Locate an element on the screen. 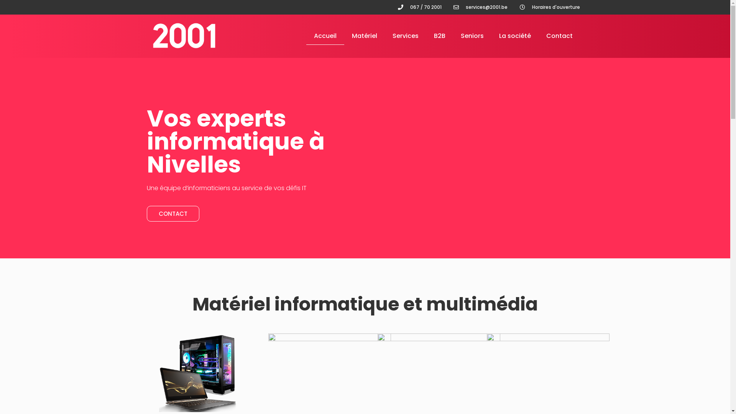 Image resolution: width=736 pixels, height=414 pixels. 'CONTACT' is located at coordinates (172, 214).